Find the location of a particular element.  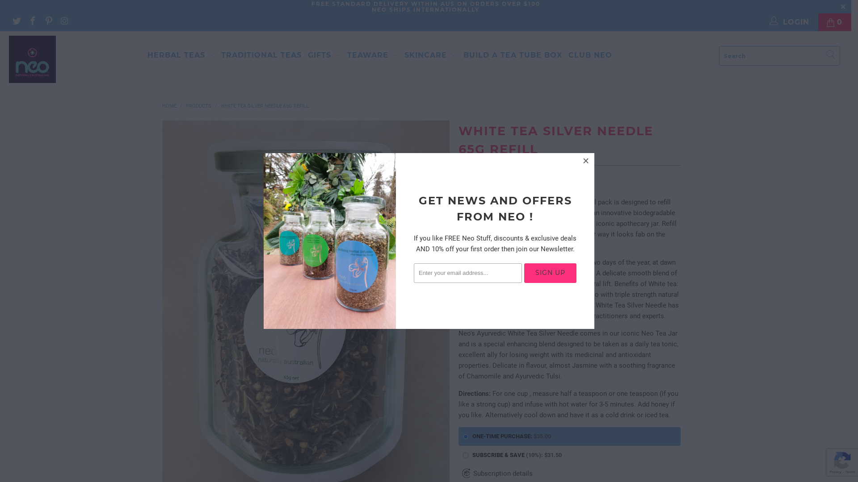

'0' is located at coordinates (834, 22).